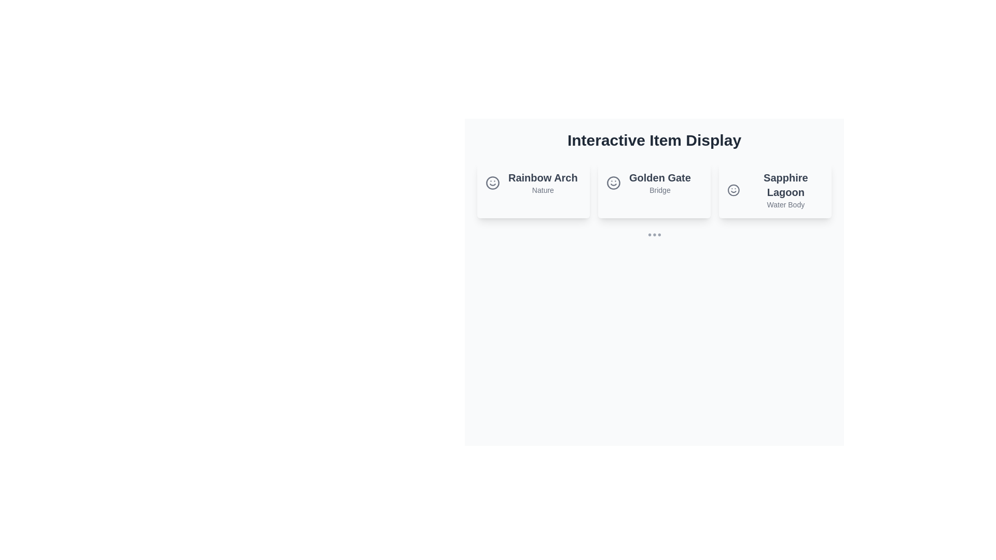 Image resolution: width=996 pixels, height=560 pixels. What do you see at coordinates (659, 177) in the screenshot?
I see `the text label indicating the title 'Golden Gate' of the second card in a row of three cards` at bounding box center [659, 177].